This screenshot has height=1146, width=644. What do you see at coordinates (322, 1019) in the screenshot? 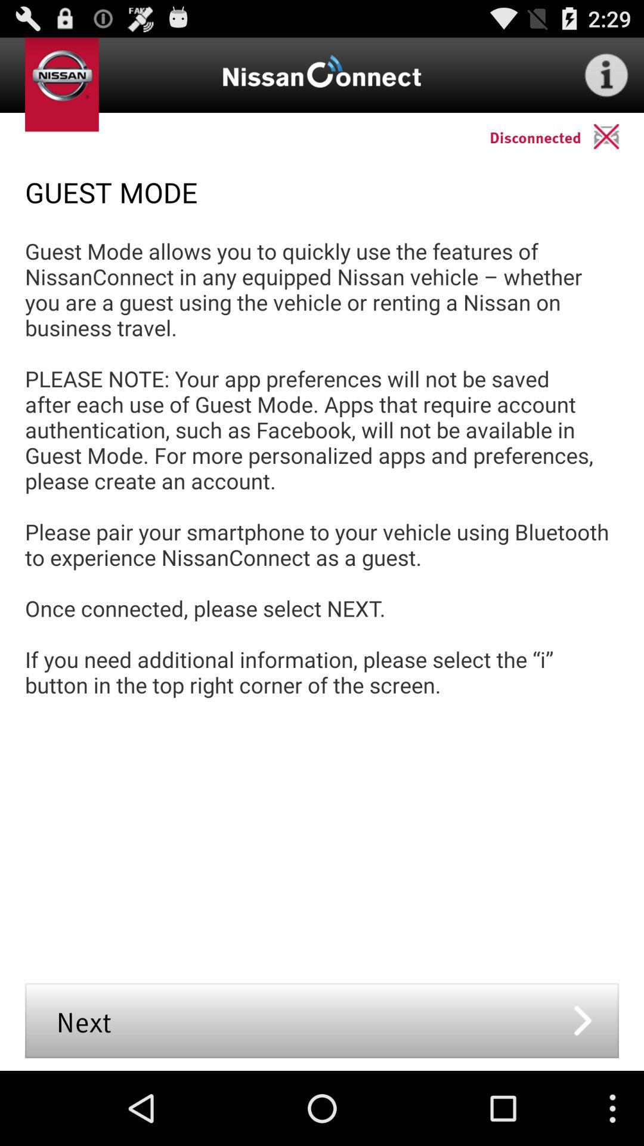
I see `the next at the bottom` at bounding box center [322, 1019].